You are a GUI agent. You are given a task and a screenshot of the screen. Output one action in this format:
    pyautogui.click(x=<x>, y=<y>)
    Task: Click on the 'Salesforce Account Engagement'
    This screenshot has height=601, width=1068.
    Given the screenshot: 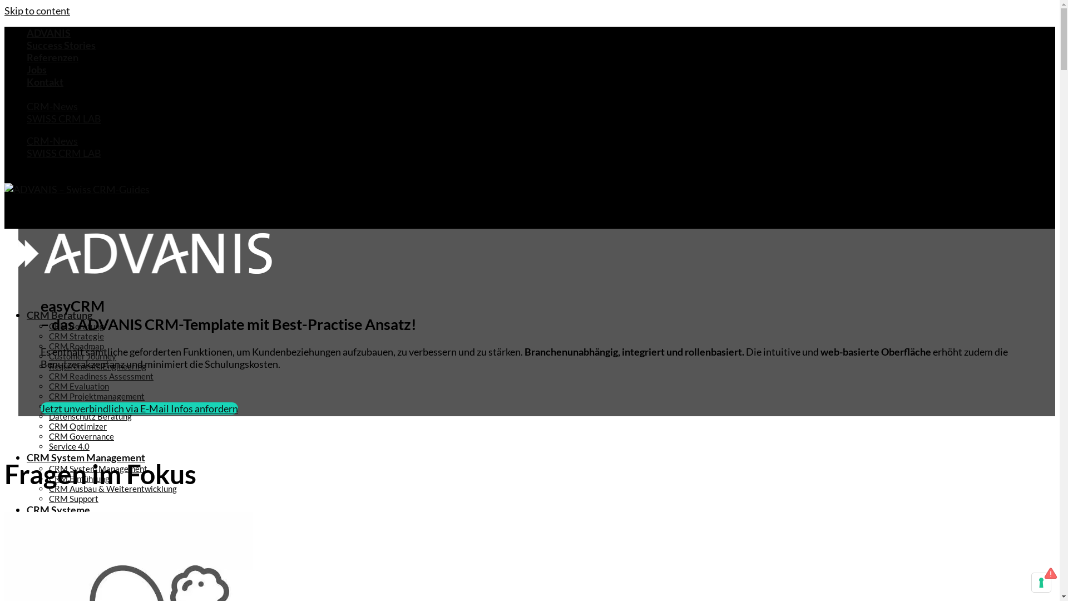 What is the action you would take?
    pyautogui.click(x=71, y=560)
    